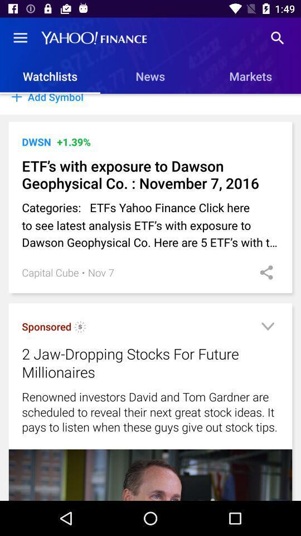 The image size is (301, 536). Describe the element at coordinates (151, 224) in the screenshot. I see `the icon below the etf s with item` at that location.